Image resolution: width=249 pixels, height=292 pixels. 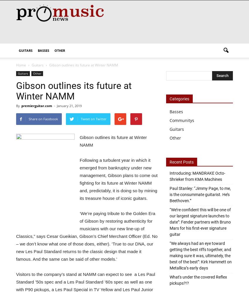 What do you see at coordinates (21, 65) in the screenshot?
I see `'Home'` at bounding box center [21, 65].